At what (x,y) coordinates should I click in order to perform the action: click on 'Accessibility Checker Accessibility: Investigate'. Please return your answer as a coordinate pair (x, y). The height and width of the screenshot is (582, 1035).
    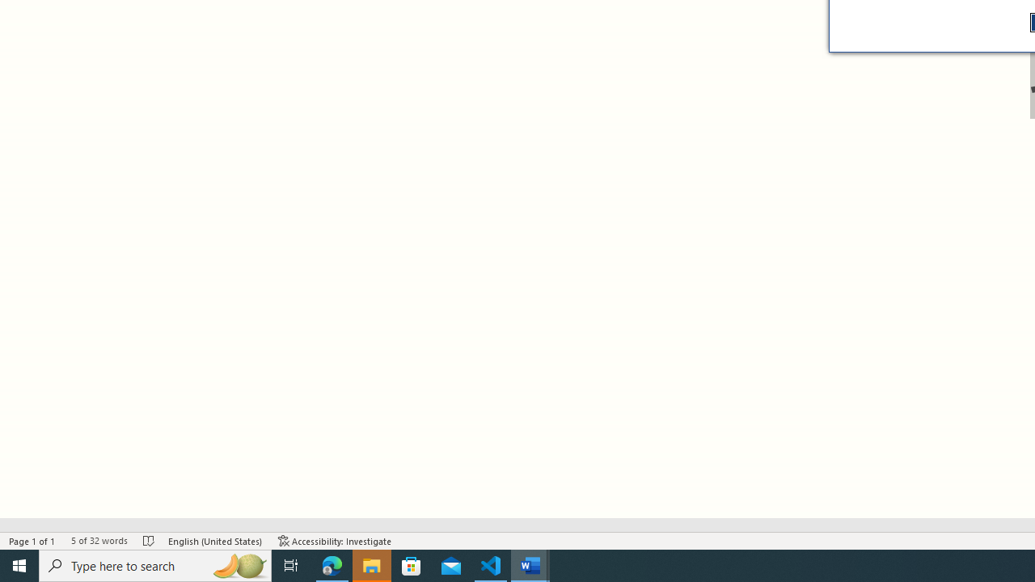
    Looking at the image, I should click on (334, 541).